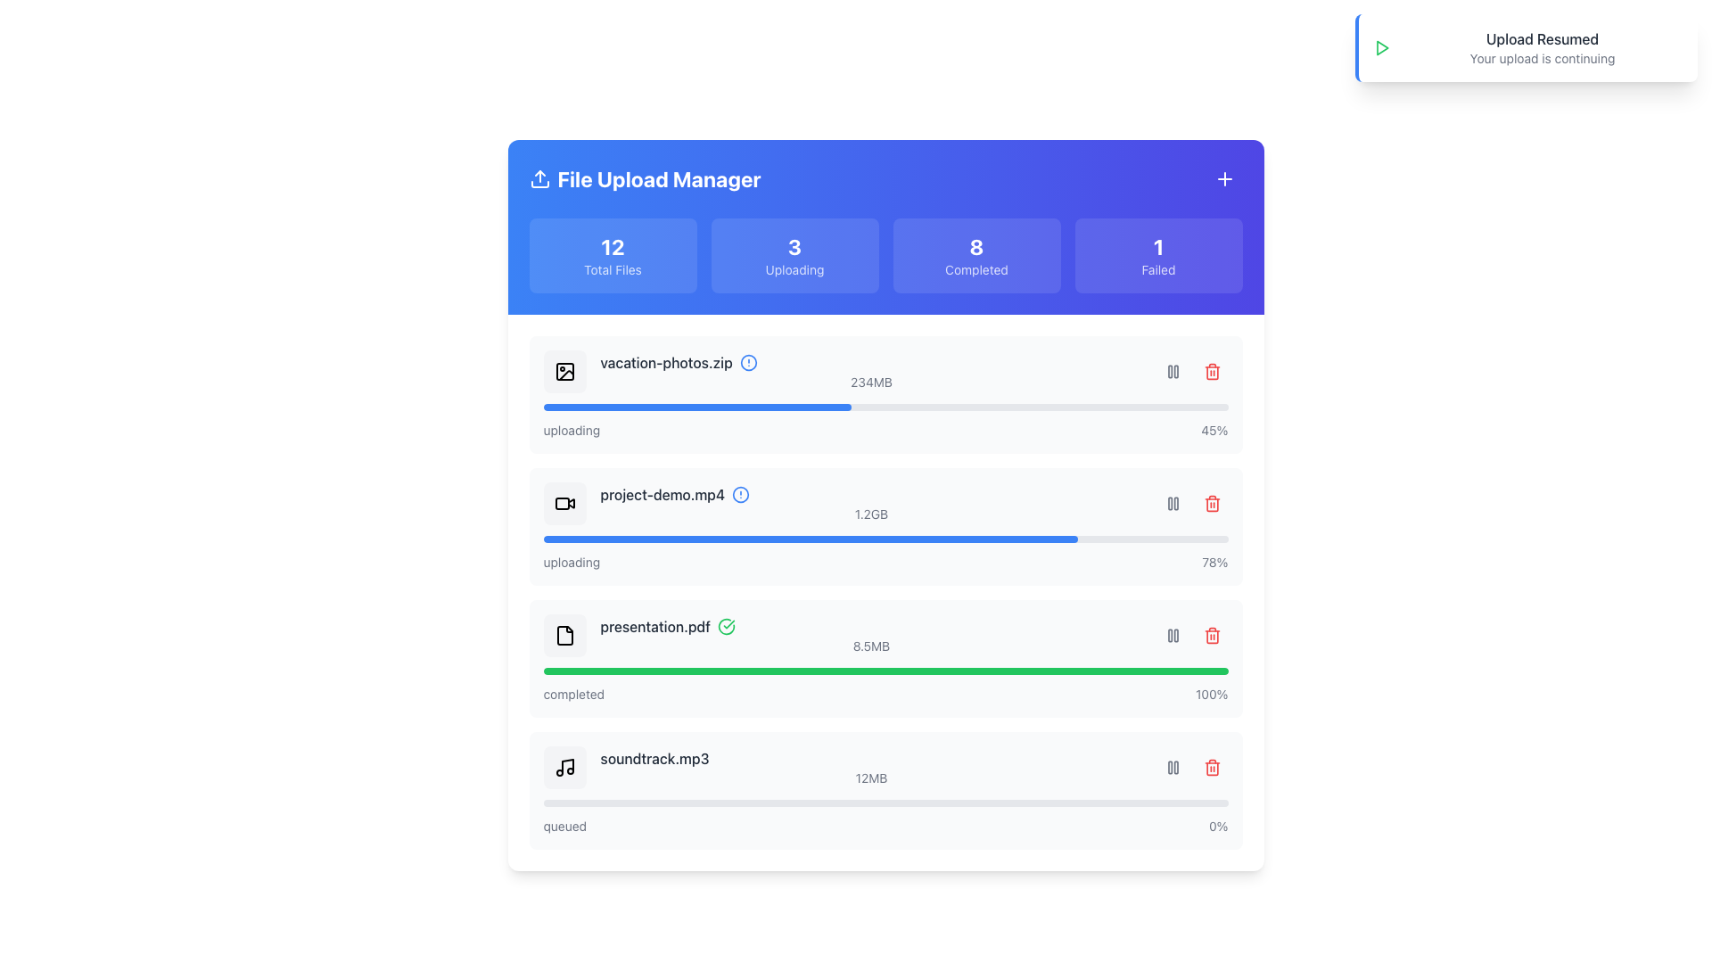 This screenshot has height=963, width=1712. Describe the element at coordinates (564, 503) in the screenshot. I see `the video file type indicator icon located in the second row of the file upload list, to the left of 'project-demo.mp4'` at that location.